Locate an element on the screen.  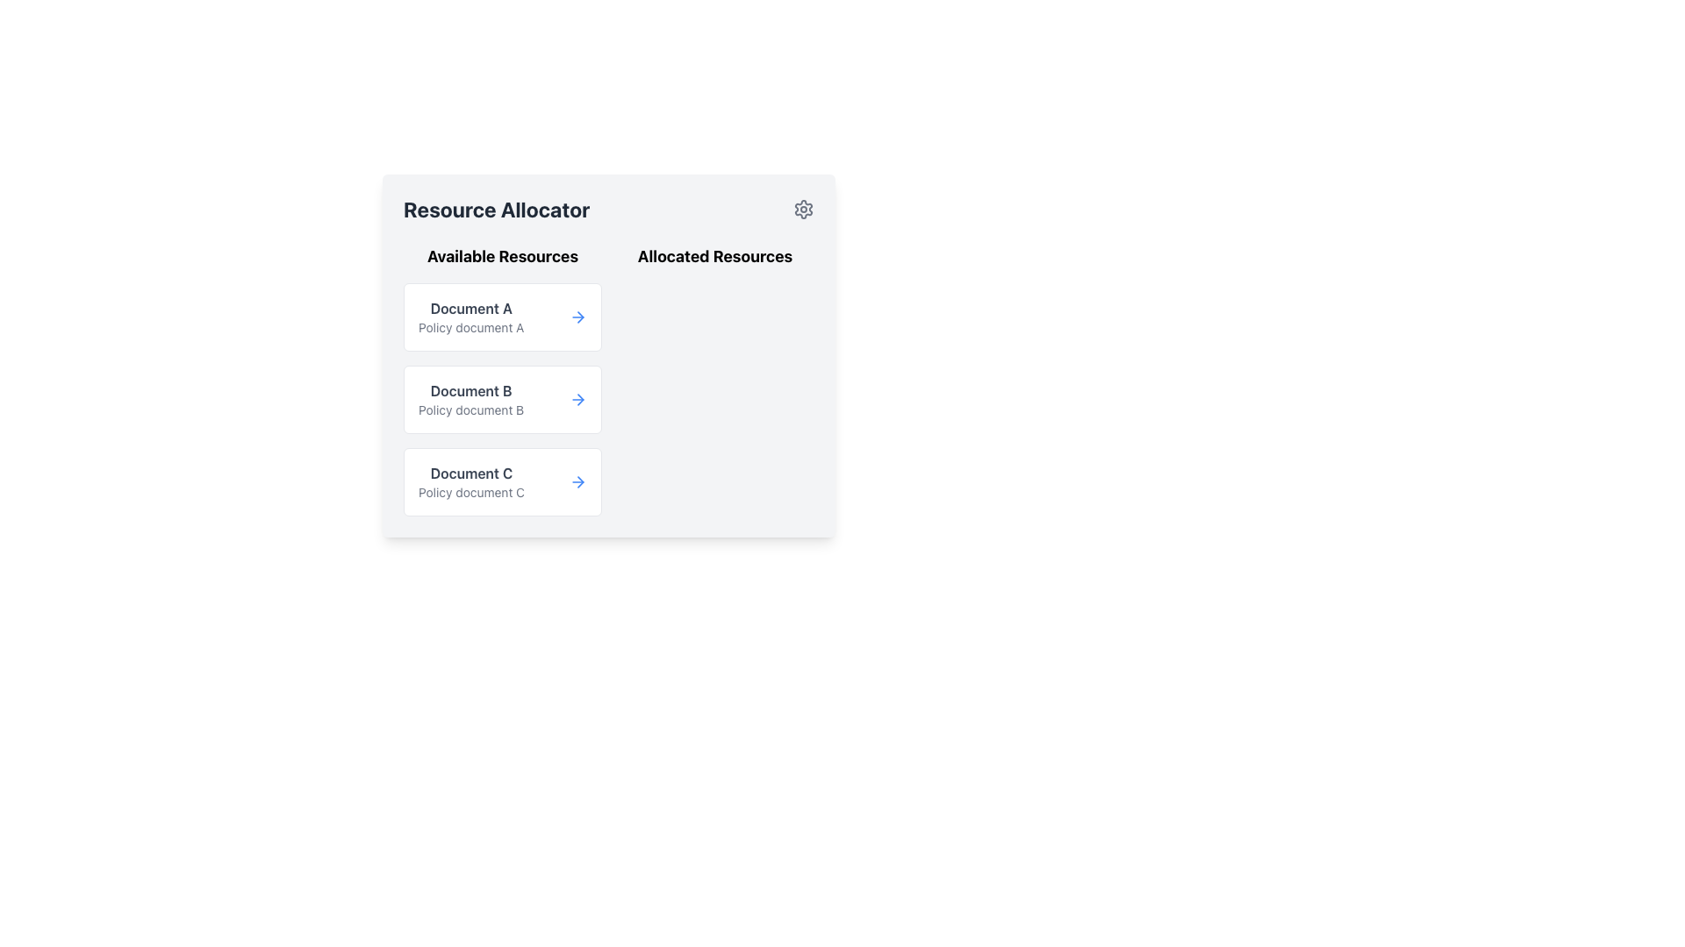
the 'Allocated Resources' text label which is bold, large-sized, and styled prominently on a light gray background, located in the top-right corner of the 'Resource Allocator' panel is located at coordinates (715, 257).